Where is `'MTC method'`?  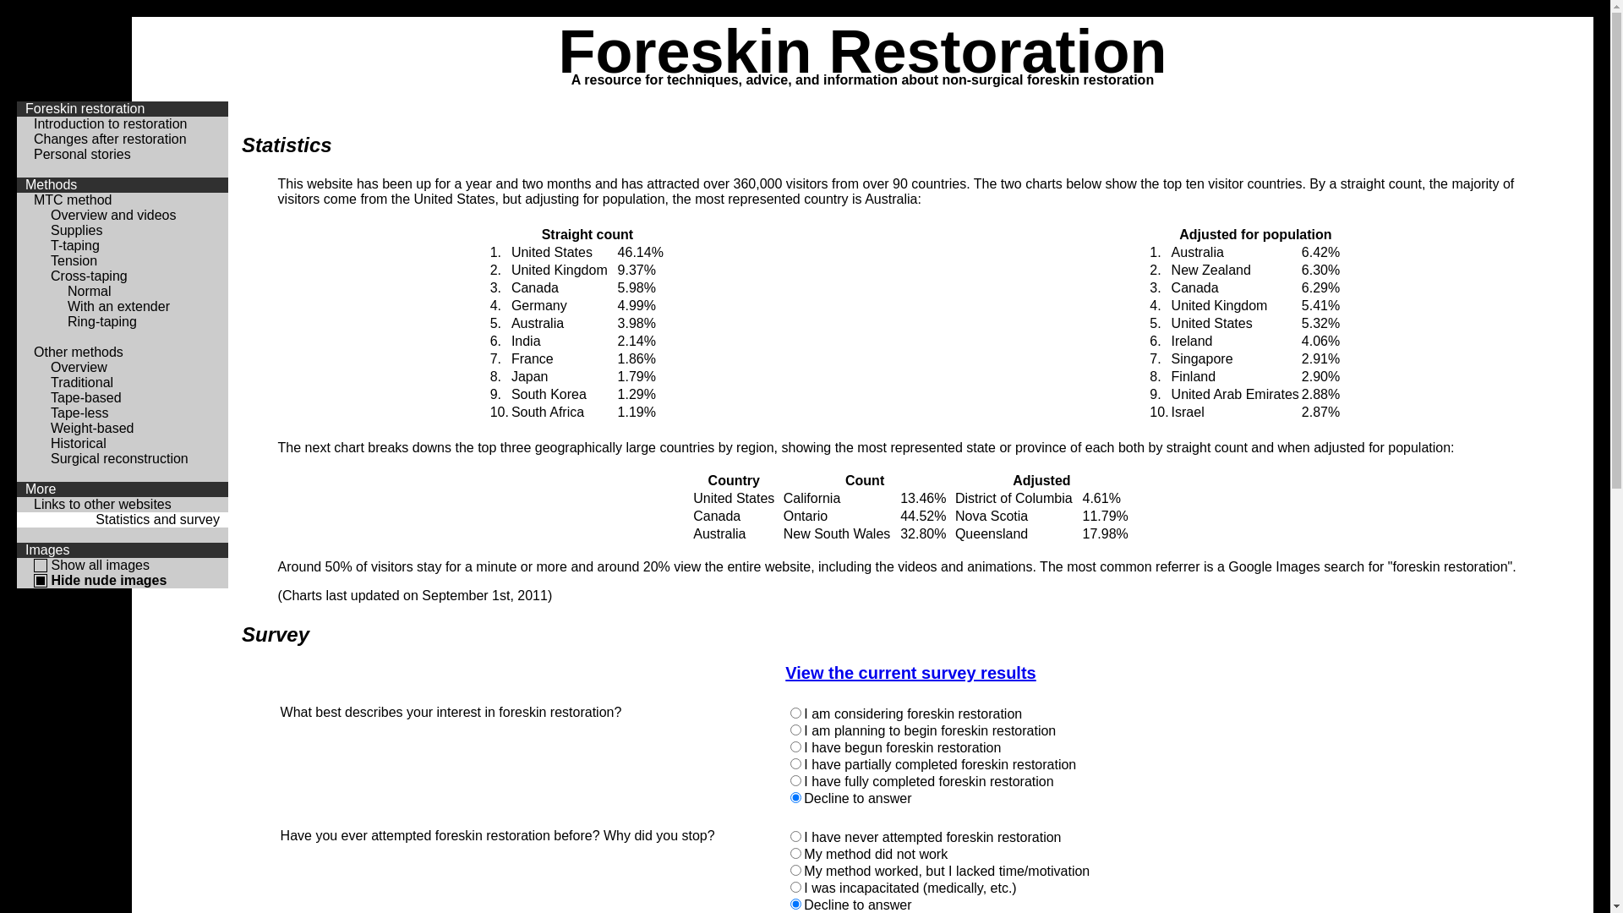
'MTC method' is located at coordinates (72, 199).